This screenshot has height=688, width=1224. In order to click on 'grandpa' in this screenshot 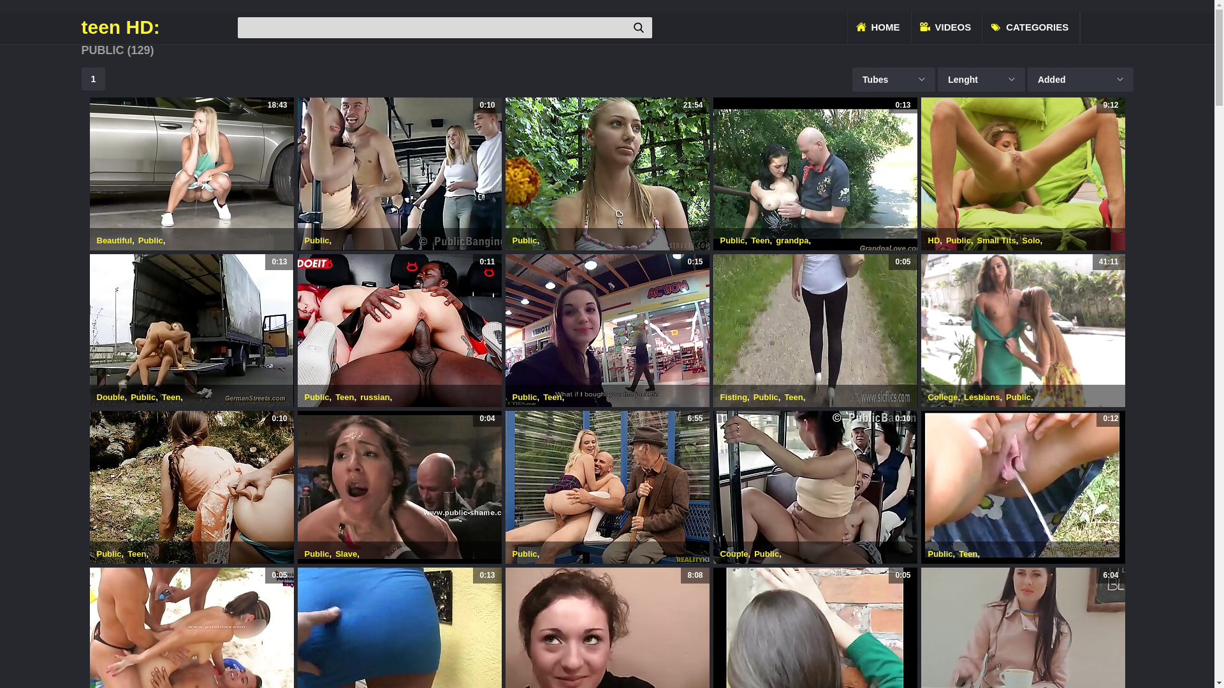, I will do `click(791, 240)`.